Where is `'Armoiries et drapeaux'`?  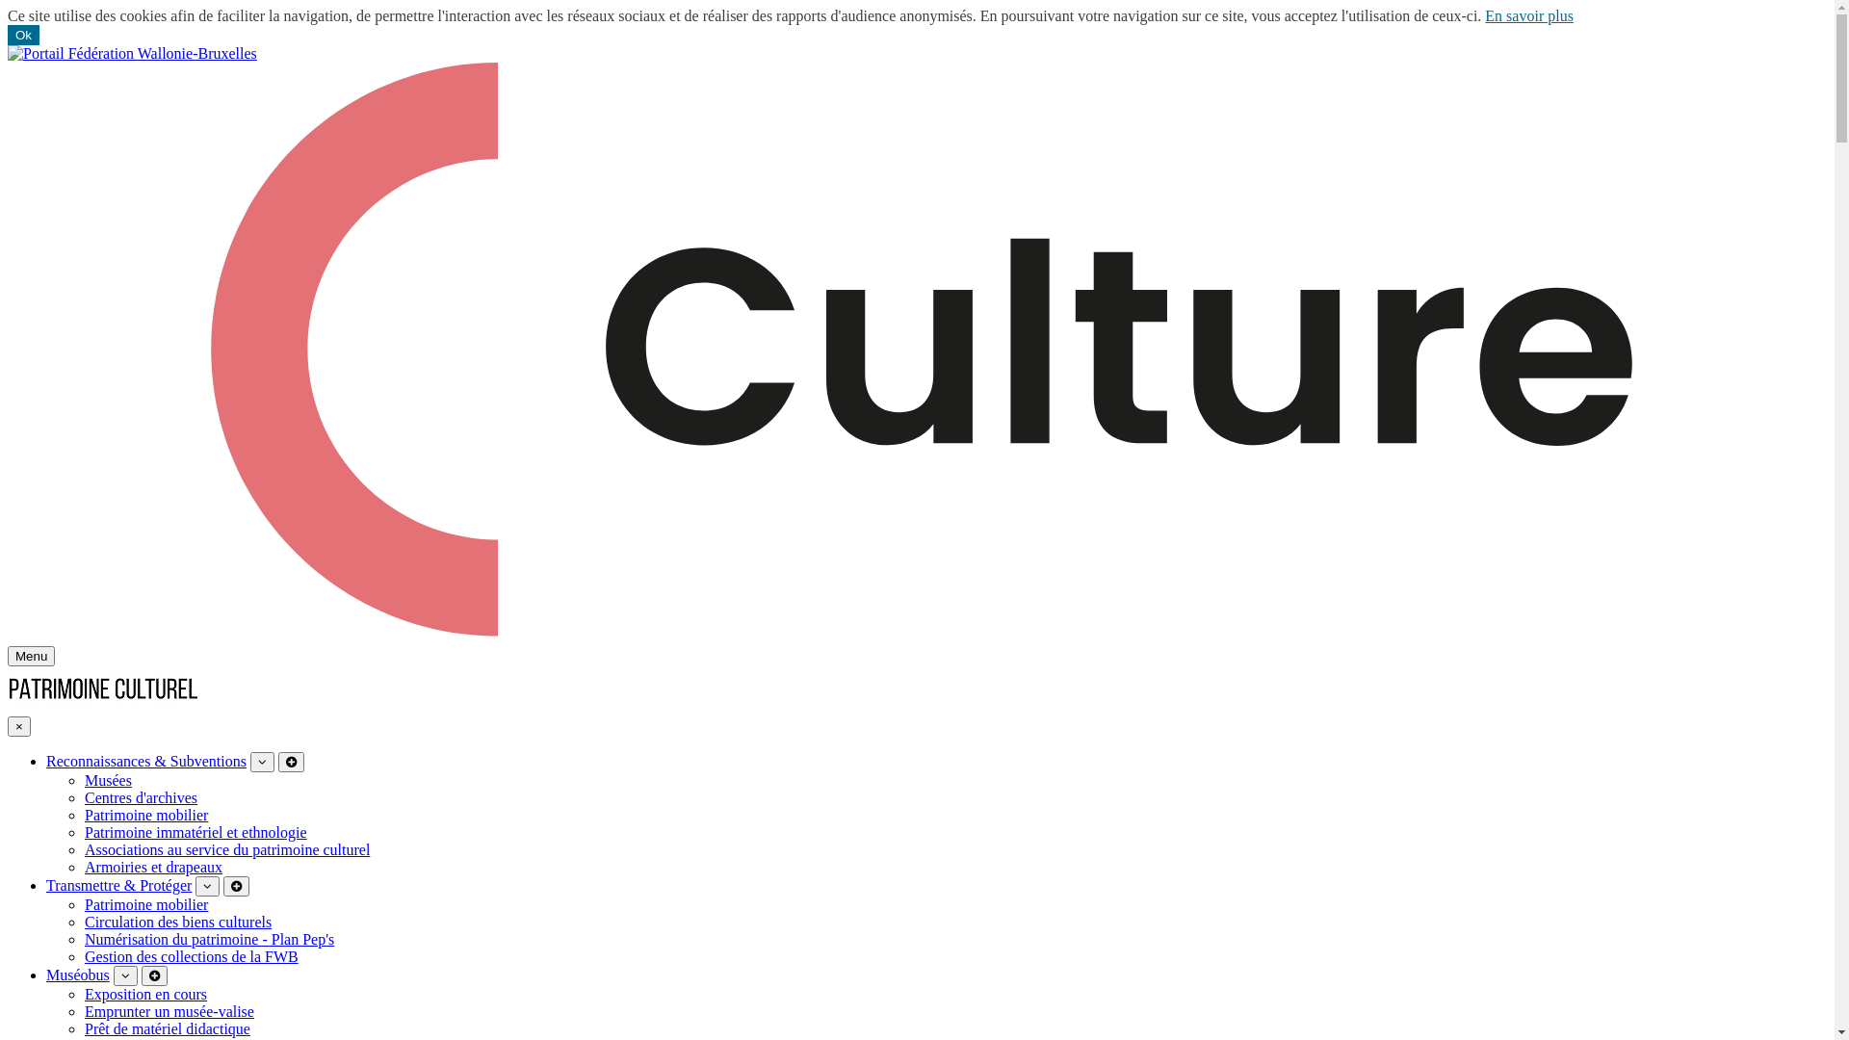
'Armoiries et drapeaux' is located at coordinates (152, 867).